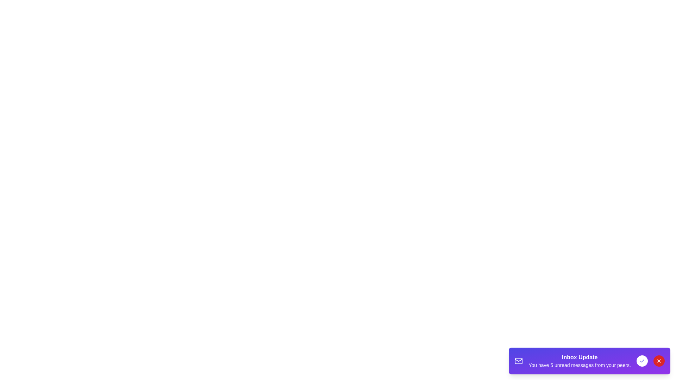 The image size is (676, 380). I want to click on the 'Close' button to dismiss the notification, so click(659, 361).